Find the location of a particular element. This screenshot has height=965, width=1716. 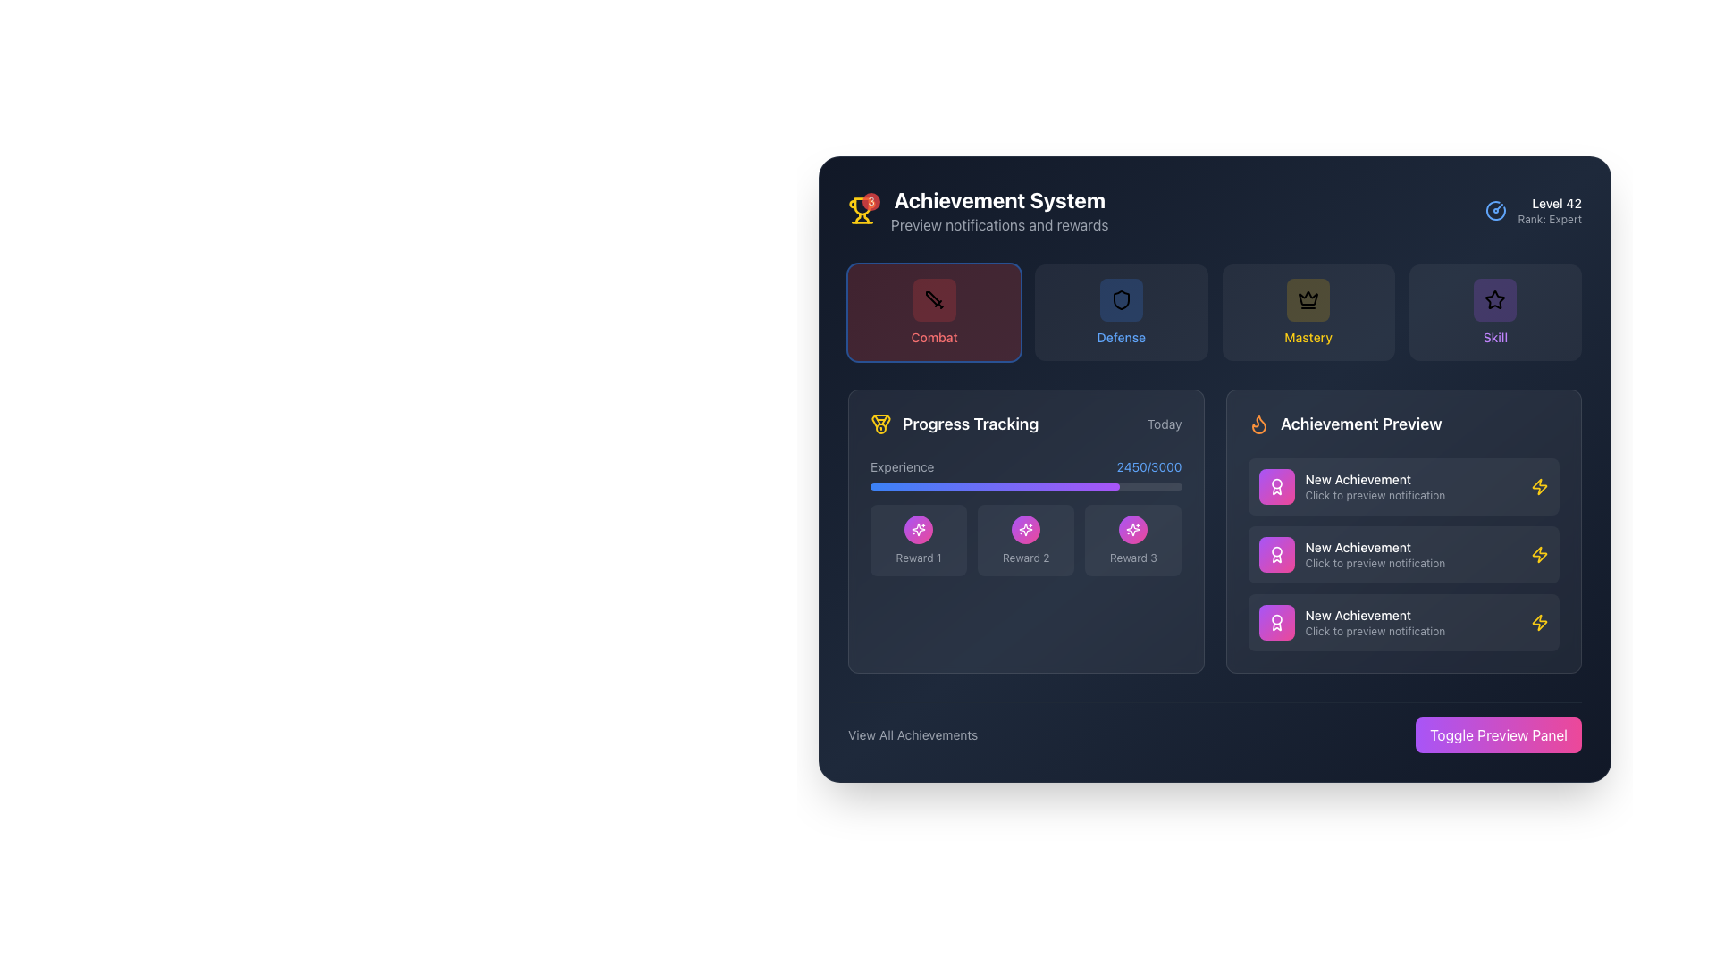

the SVG Circle Element that is part of the Achievement System interface, enhancing the visual appeal of the award icon is located at coordinates (1275, 550).